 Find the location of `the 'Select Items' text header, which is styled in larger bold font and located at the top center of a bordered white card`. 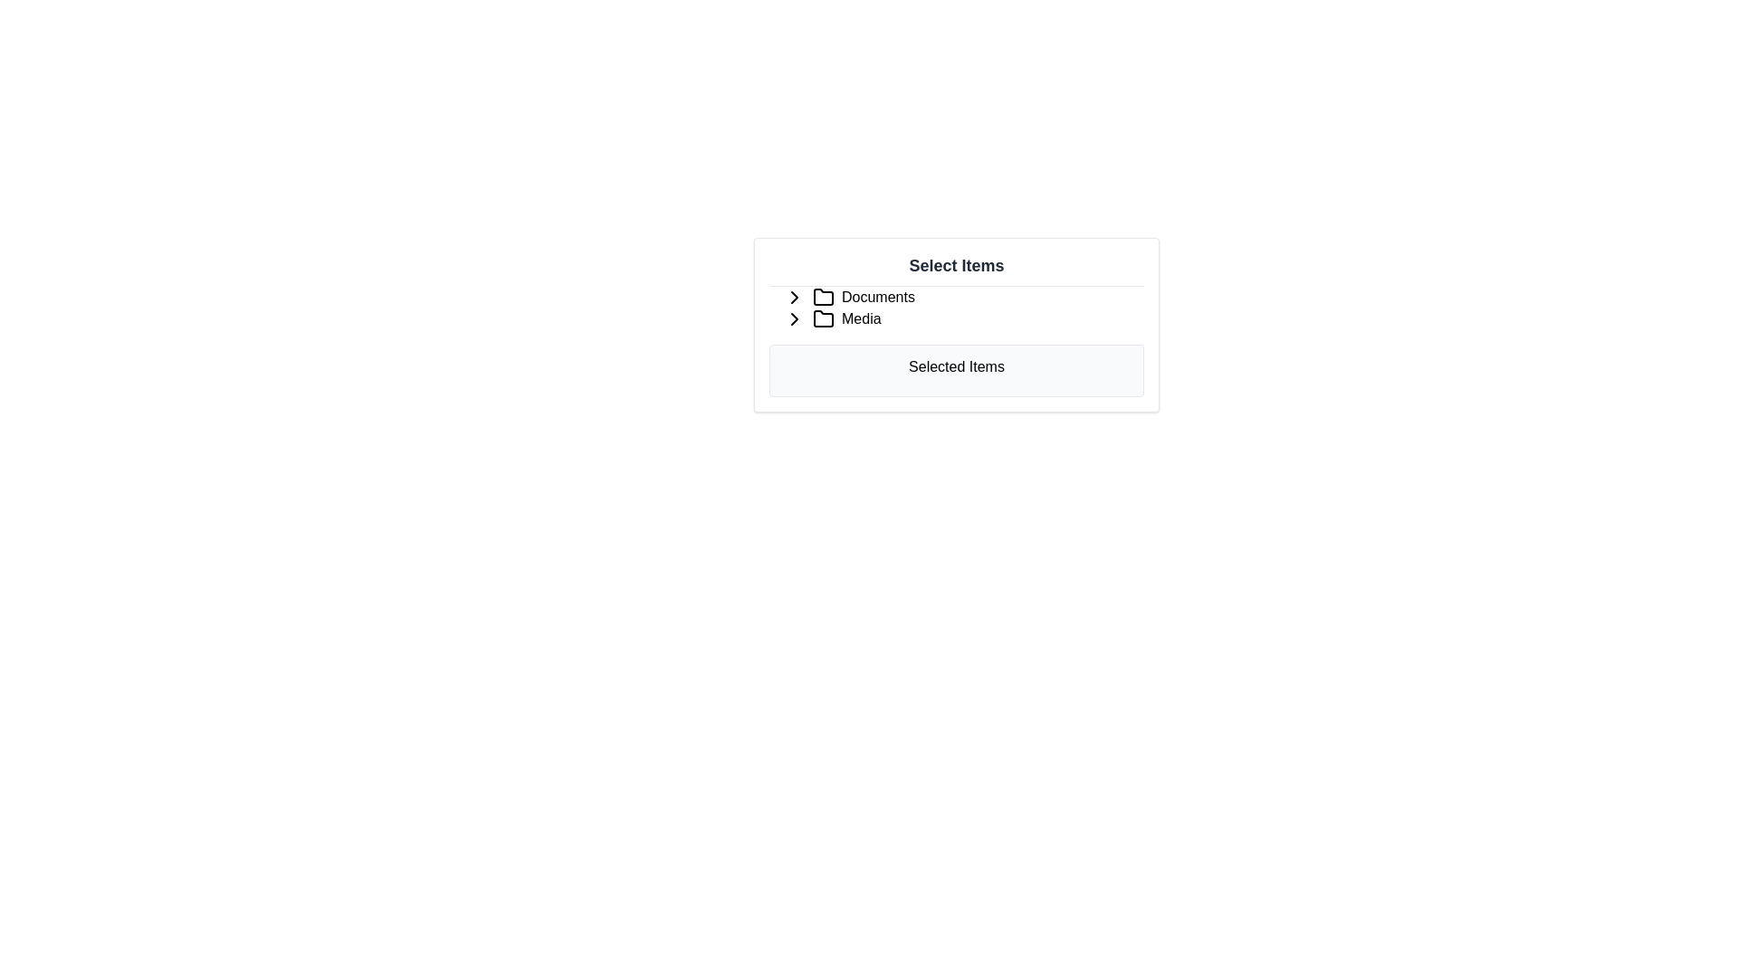

the 'Select Items' text header, which is styled in larger bold font and located at the top center of a bordered white card is located at coordinates (955, 265).